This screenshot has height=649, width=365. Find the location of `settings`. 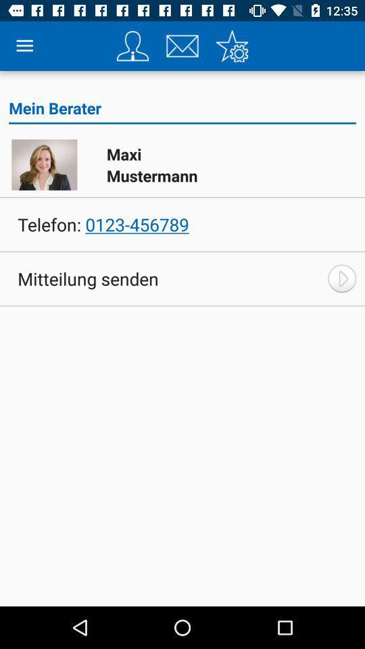

settings is located at coordinates (231, 46).